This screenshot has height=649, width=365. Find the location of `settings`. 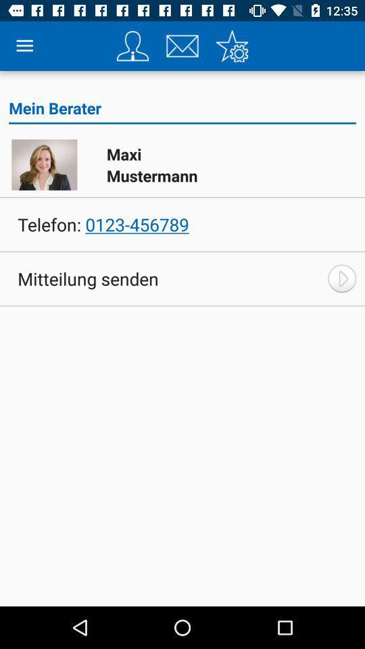

settings is located at coordinates (231, 46).